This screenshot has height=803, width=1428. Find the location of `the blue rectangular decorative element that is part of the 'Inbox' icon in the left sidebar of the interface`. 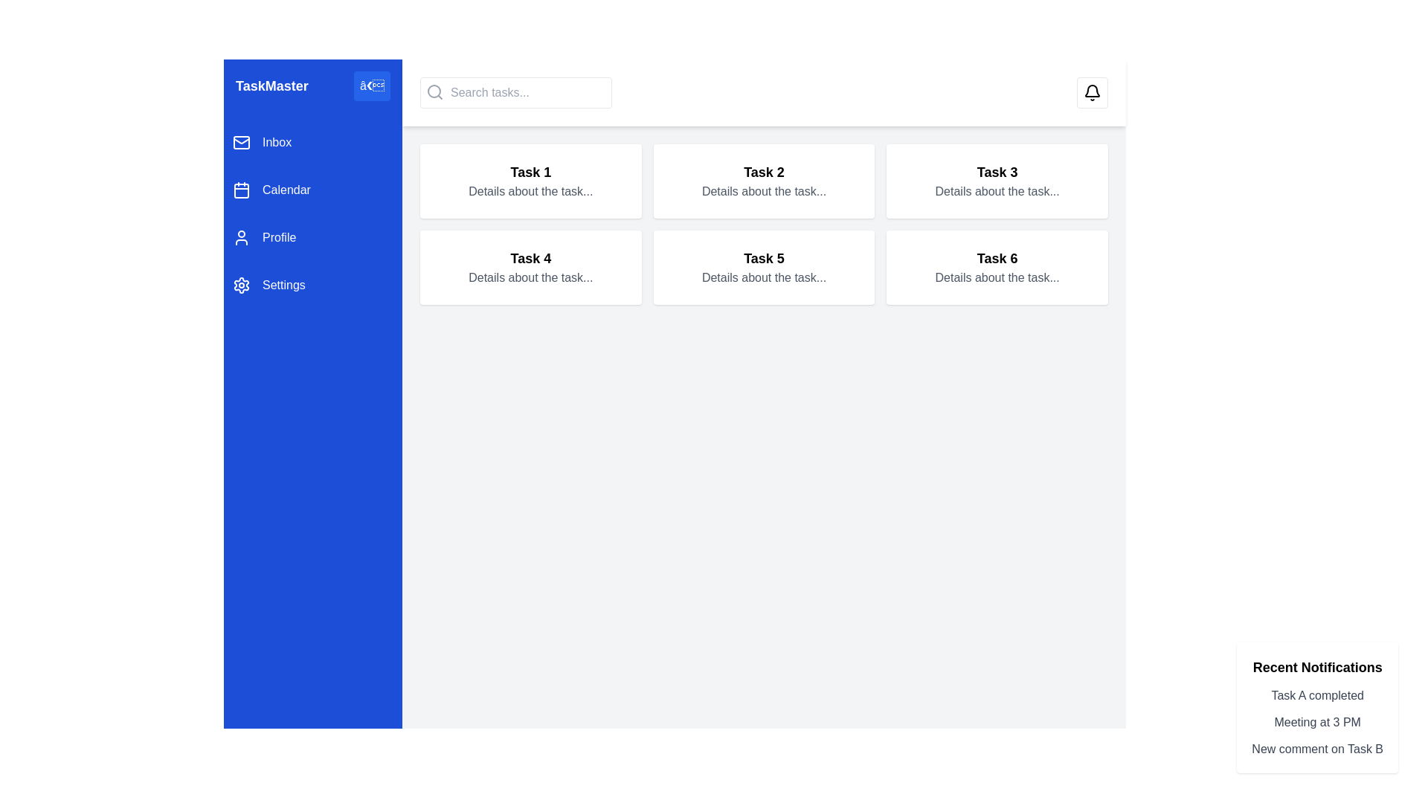

the blue rectangular decorative element that is part of the 'Inbox' icon in the left sidebar of the interface is located at coordinates (242, 143).